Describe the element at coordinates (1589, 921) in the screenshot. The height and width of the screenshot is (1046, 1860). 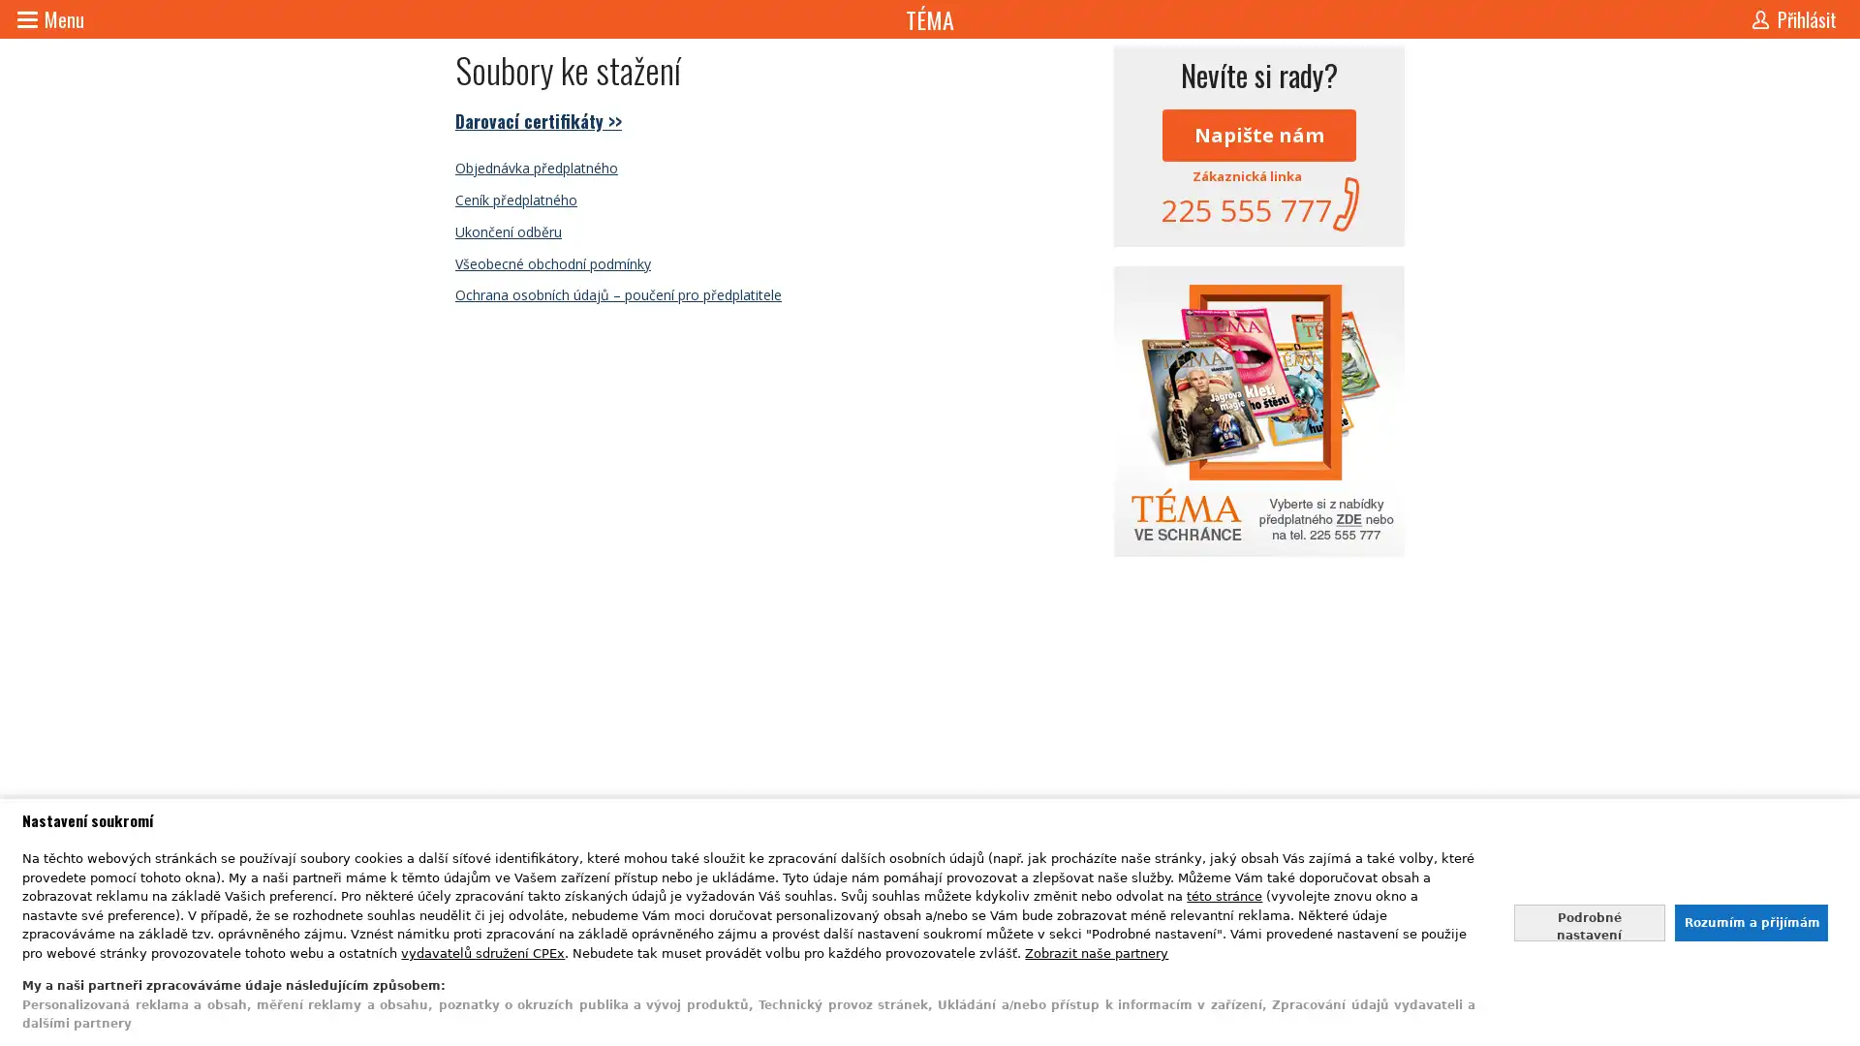
I see `Nastavte sve souhlasy` at that location.